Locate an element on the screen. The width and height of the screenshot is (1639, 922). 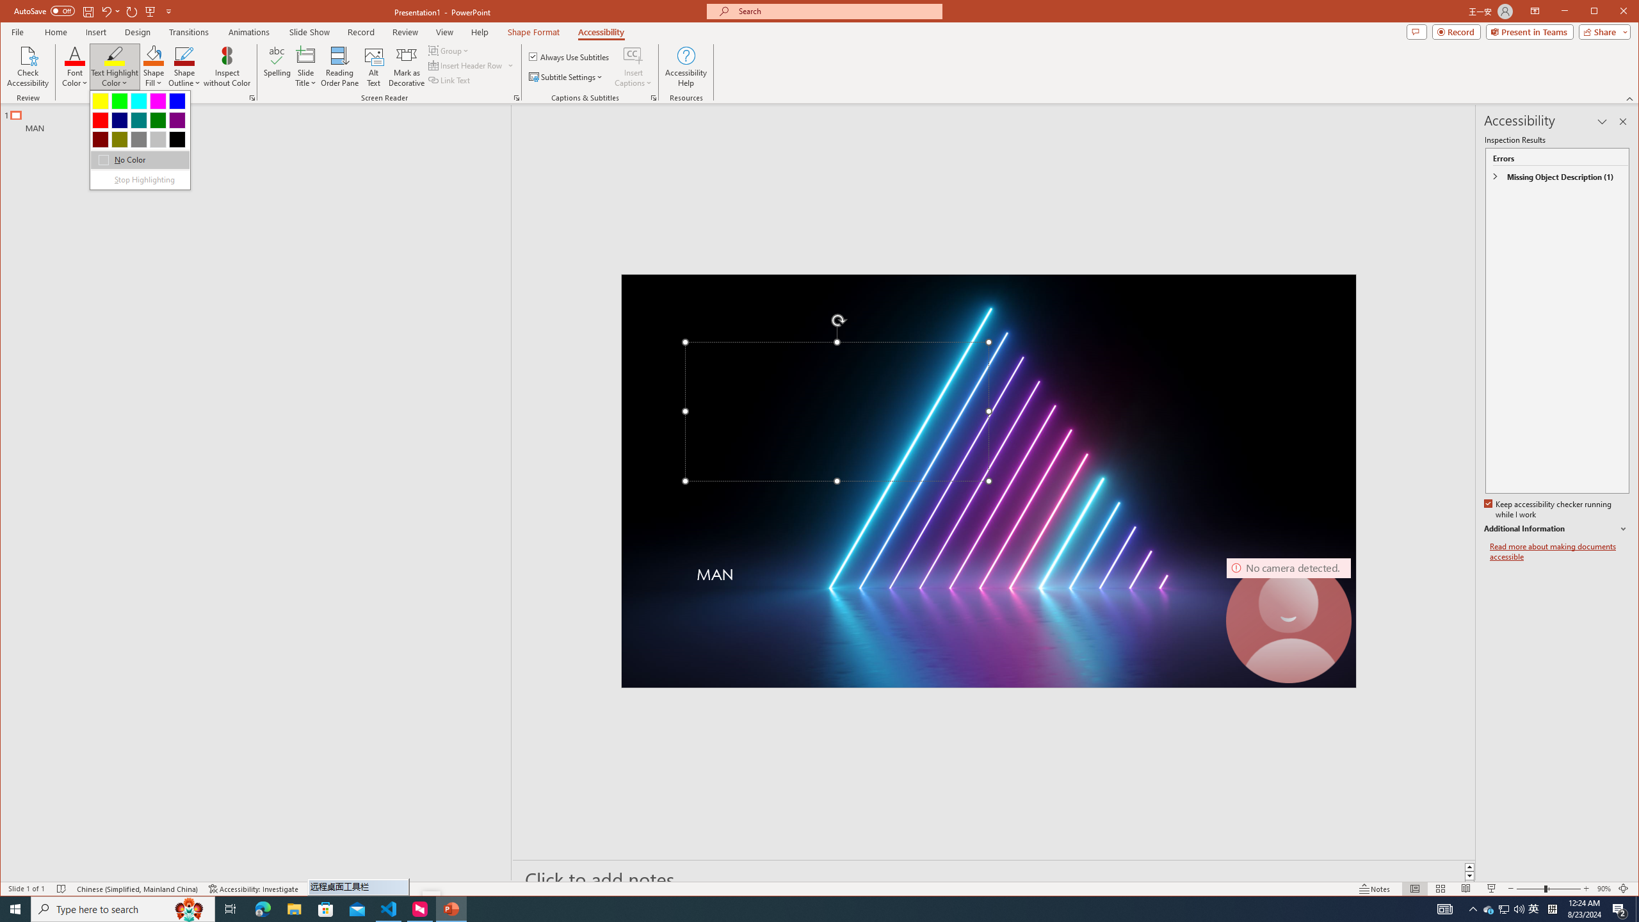
'Maximize' is located at coordinates (1613, 12).